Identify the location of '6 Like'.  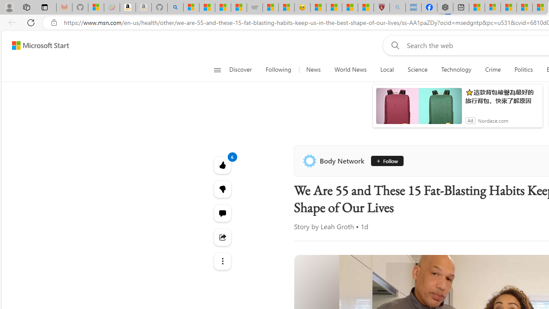
(222, 165).